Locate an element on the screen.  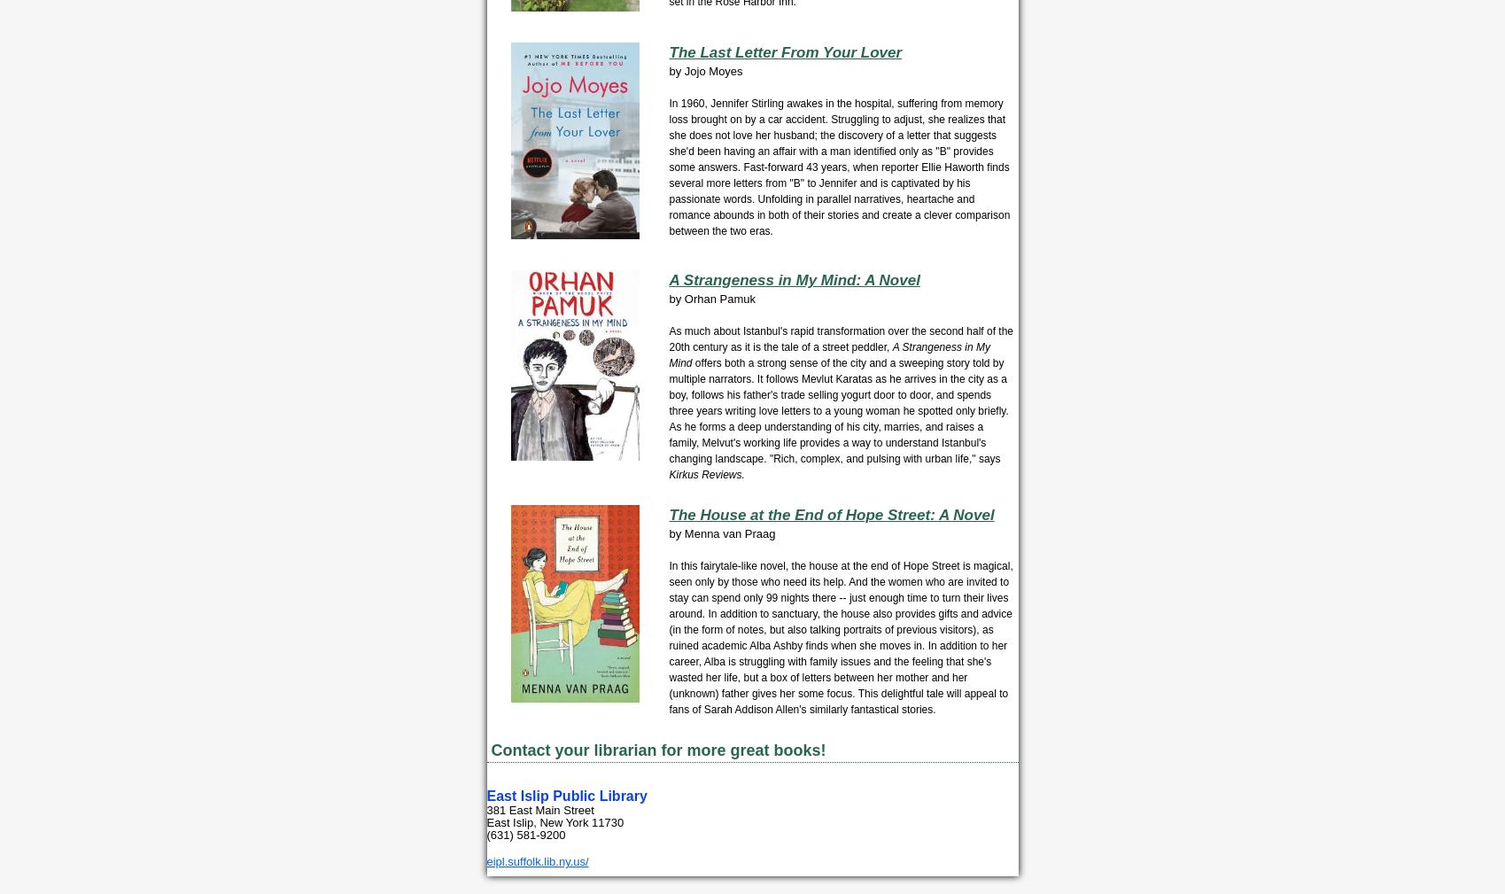
'In this fairytale-like novel, the house at the end of Hope Street is magical, seen only by those who need its help. And the women who are invited to stay can spend only 99 nights there -- just enough time to turn their lives around. In addition to sanctuary, the house also provides gifts and advice (in the form of notes, but also talking portraits of previous visitors), as ruined academic Alba Ashby finds when she moves in. In addition to her career, Alba is struggling with family issues and the feeling that she's wasted her life, but a box of letters between her mother and her (unknown) father gives her some focus. This delightful tale will appeal to fans of Sarah Addison Allen's similarly fantastical stories.' is located at coordinates (841, 638).